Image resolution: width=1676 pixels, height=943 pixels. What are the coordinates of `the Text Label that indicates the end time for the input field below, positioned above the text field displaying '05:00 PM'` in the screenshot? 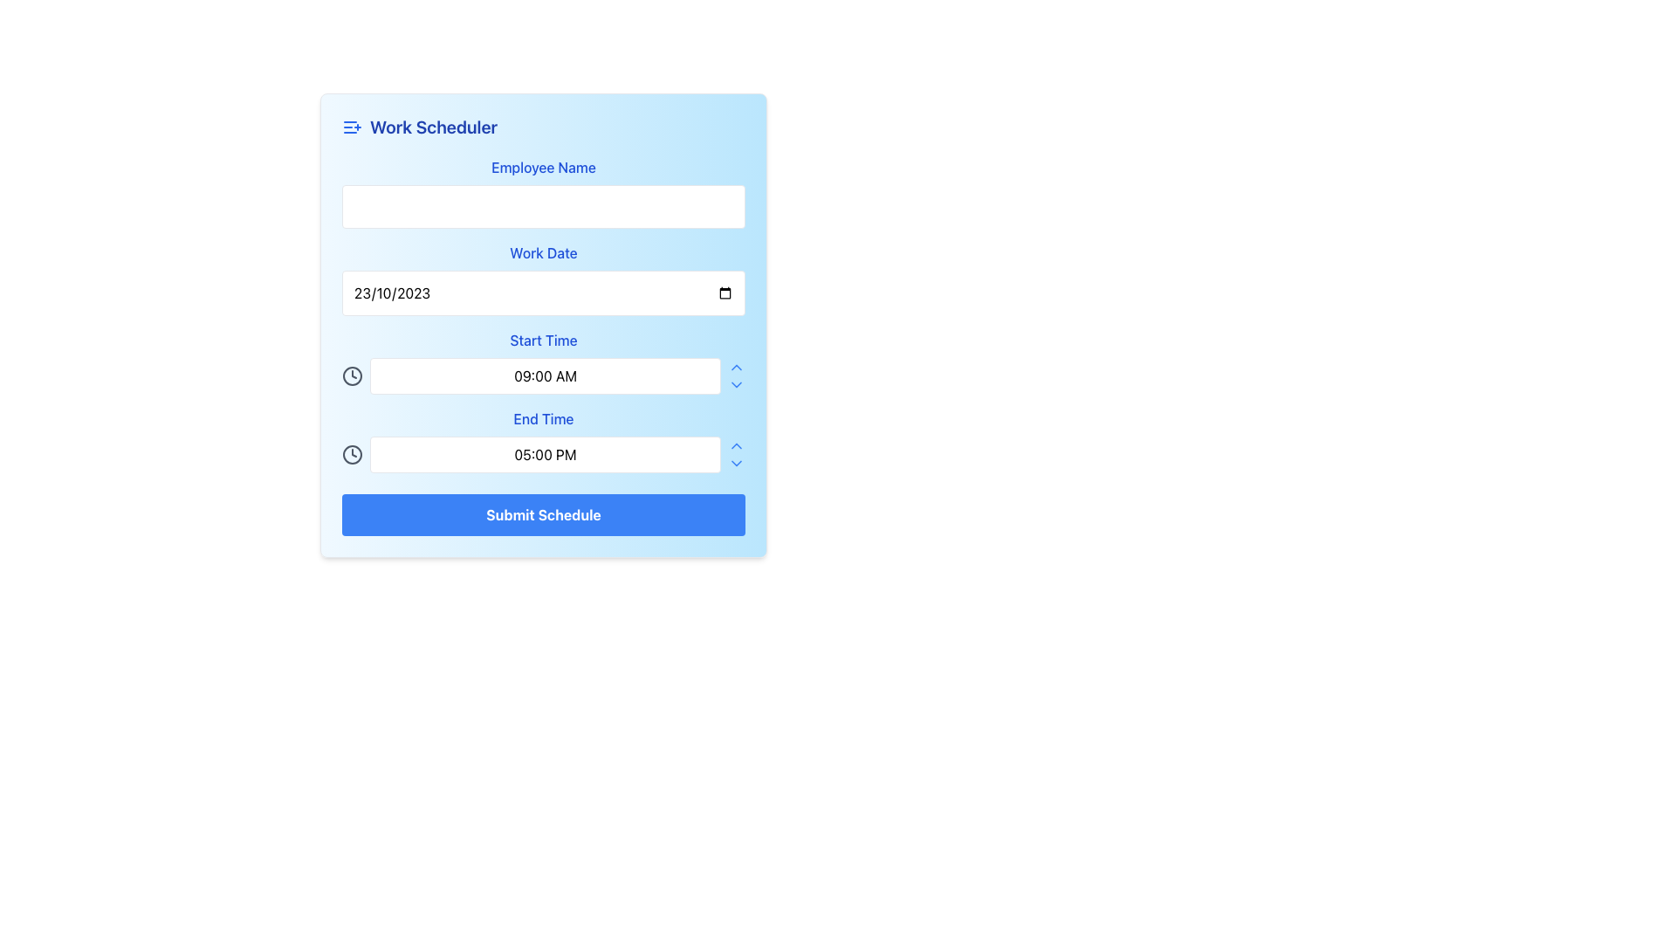 It's located at (543, 418).